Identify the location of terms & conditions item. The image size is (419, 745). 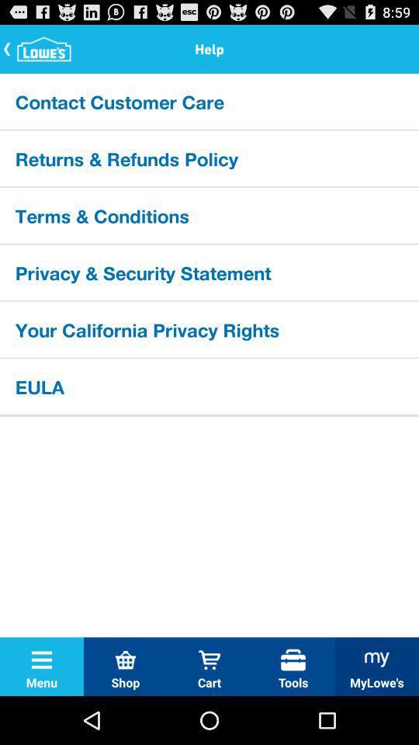
(209, 214).